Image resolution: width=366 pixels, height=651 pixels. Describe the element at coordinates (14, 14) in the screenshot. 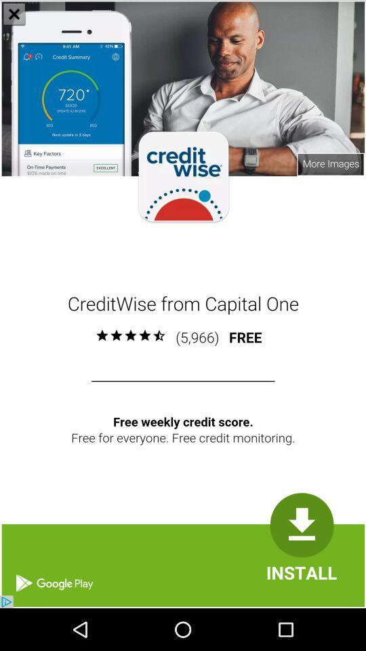

I see `the close icon` at that location.